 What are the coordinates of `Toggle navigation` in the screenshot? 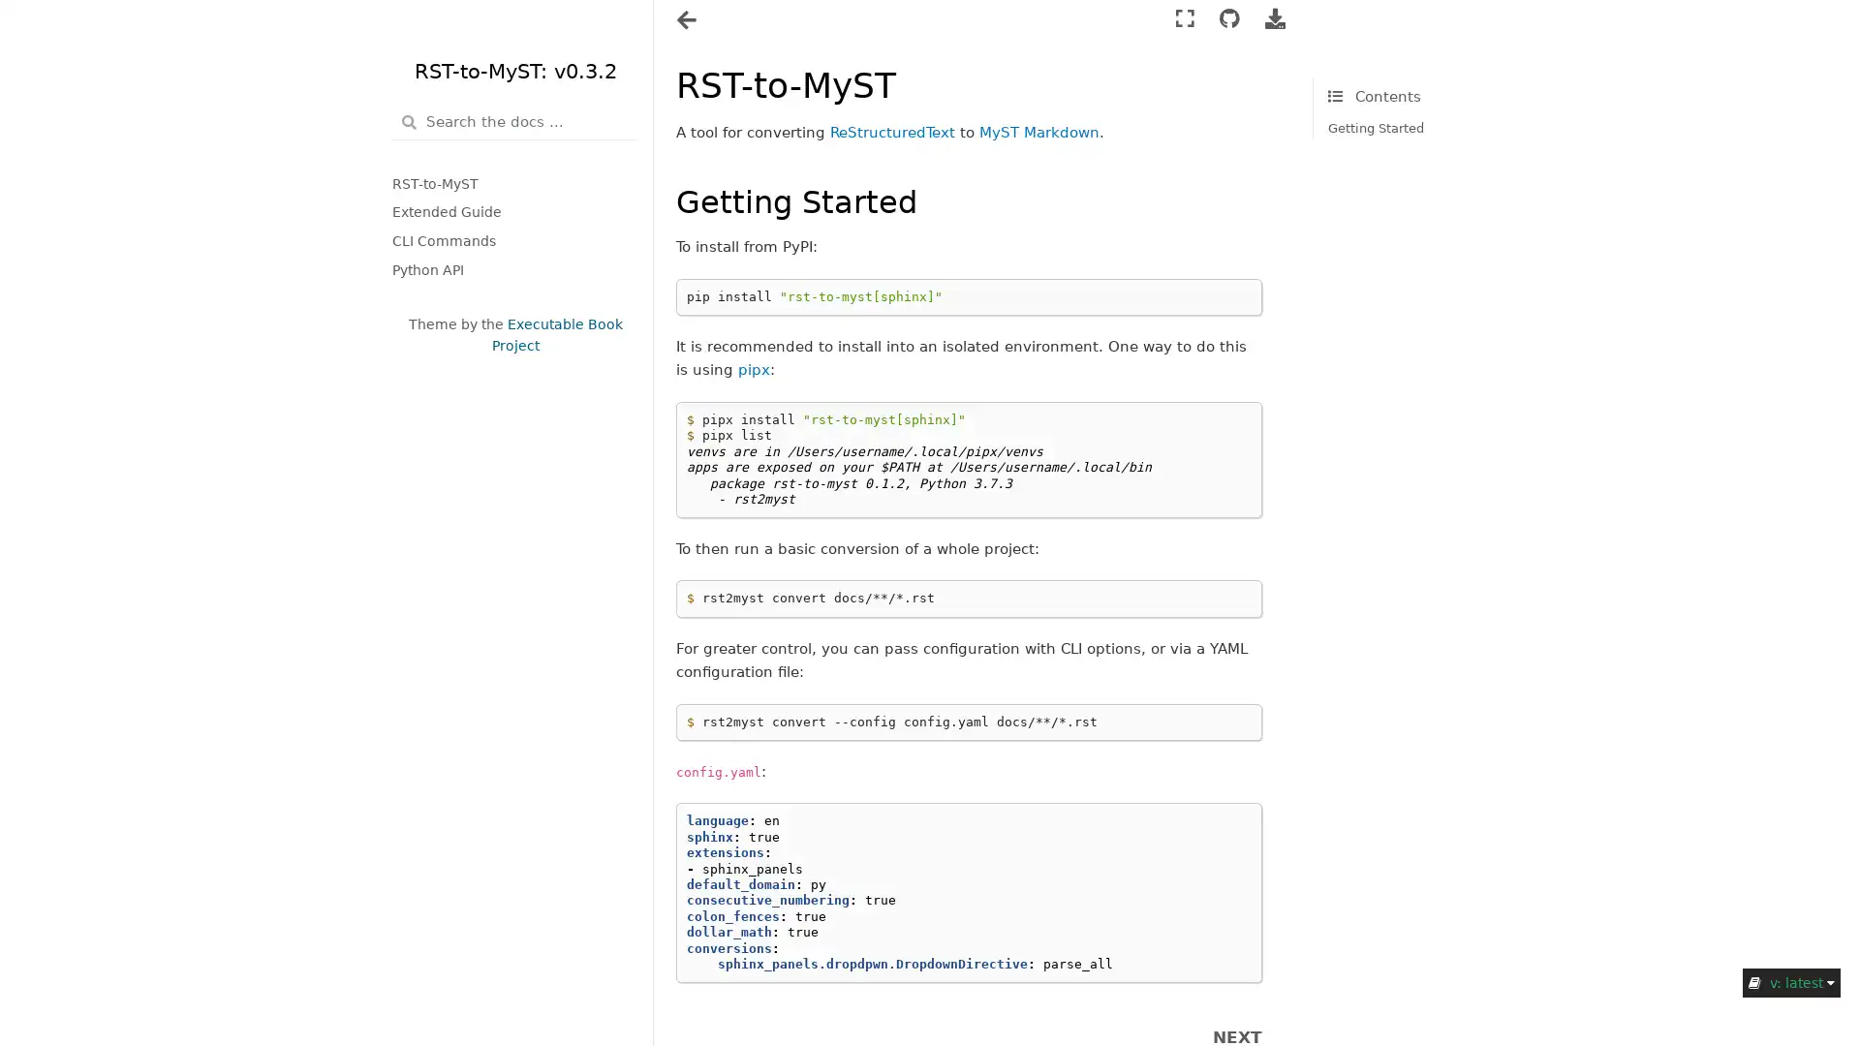 It's located at (687, 21).